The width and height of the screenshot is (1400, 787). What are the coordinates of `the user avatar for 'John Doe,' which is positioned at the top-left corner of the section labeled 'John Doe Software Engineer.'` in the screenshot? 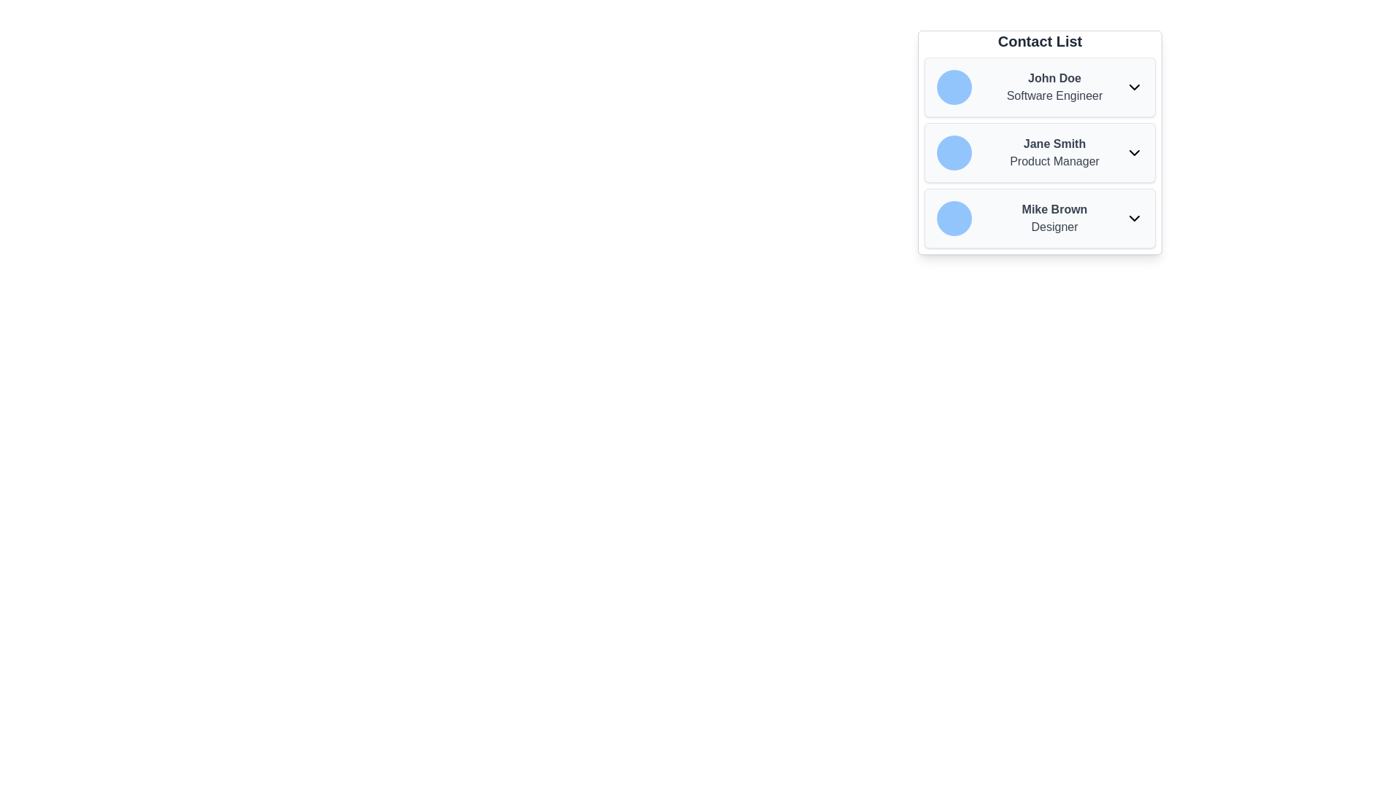 It's located at (954, 87).